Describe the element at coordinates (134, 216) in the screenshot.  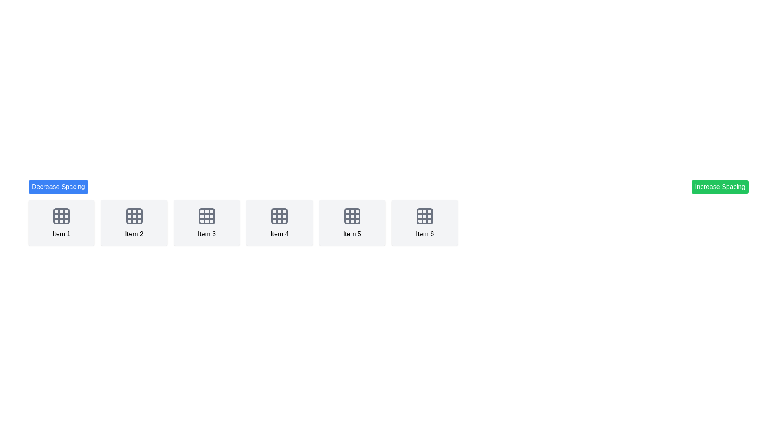
I see `the central rounded square icon within the 3x3 grid structure of 'Item 2'` at that location.